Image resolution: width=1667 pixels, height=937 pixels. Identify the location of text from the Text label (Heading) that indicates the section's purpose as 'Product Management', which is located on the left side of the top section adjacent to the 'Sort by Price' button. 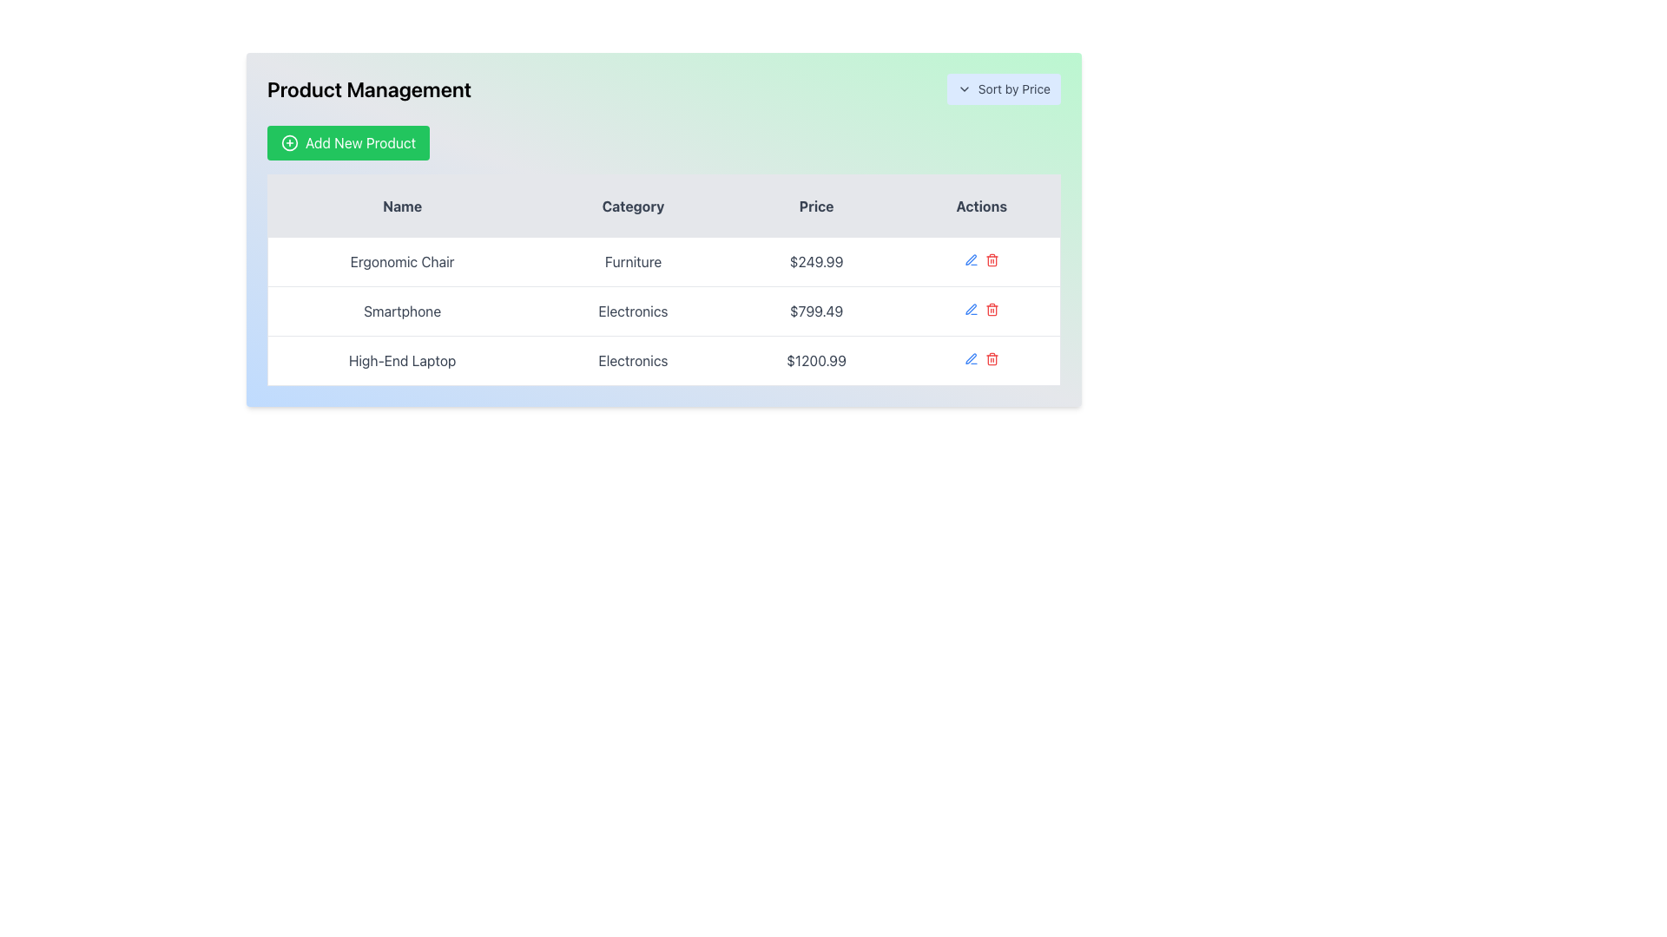
(368, 89).